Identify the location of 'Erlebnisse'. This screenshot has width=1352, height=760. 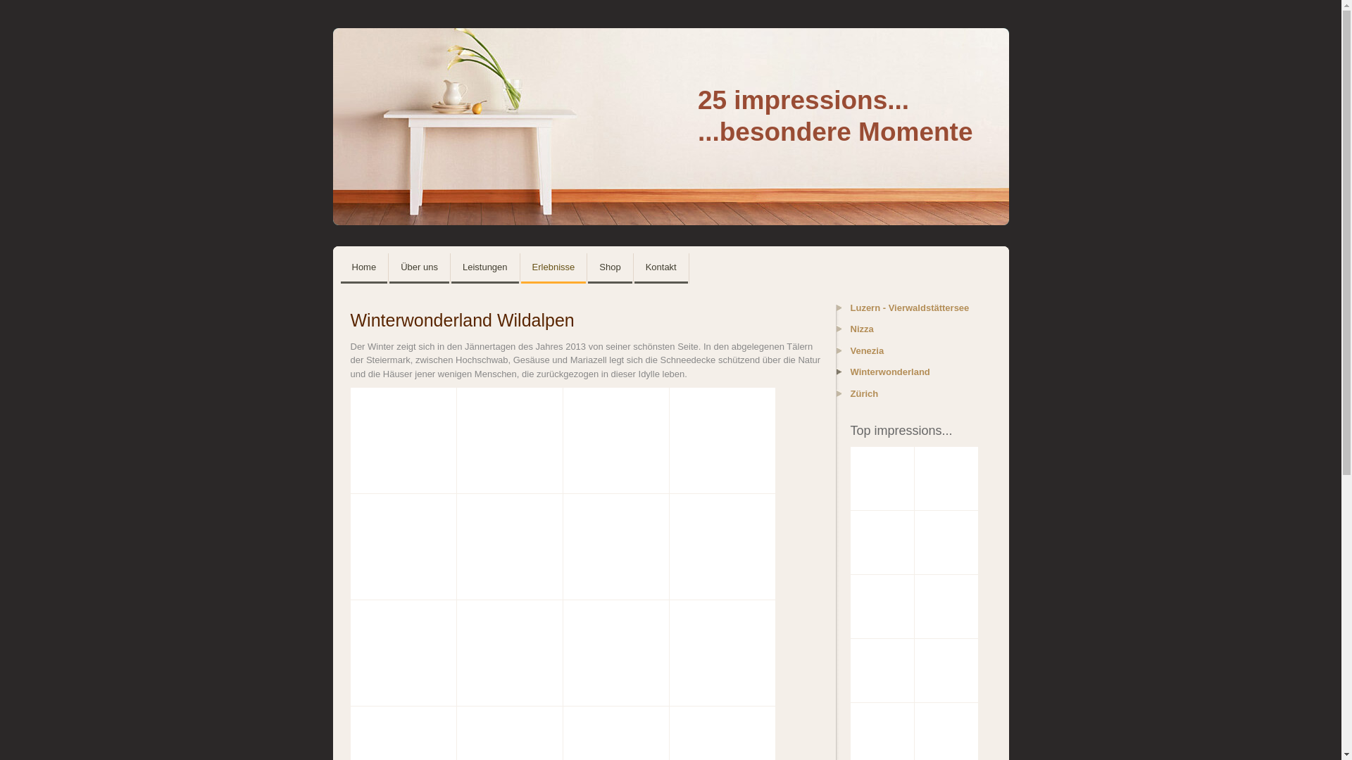
(520, 268).